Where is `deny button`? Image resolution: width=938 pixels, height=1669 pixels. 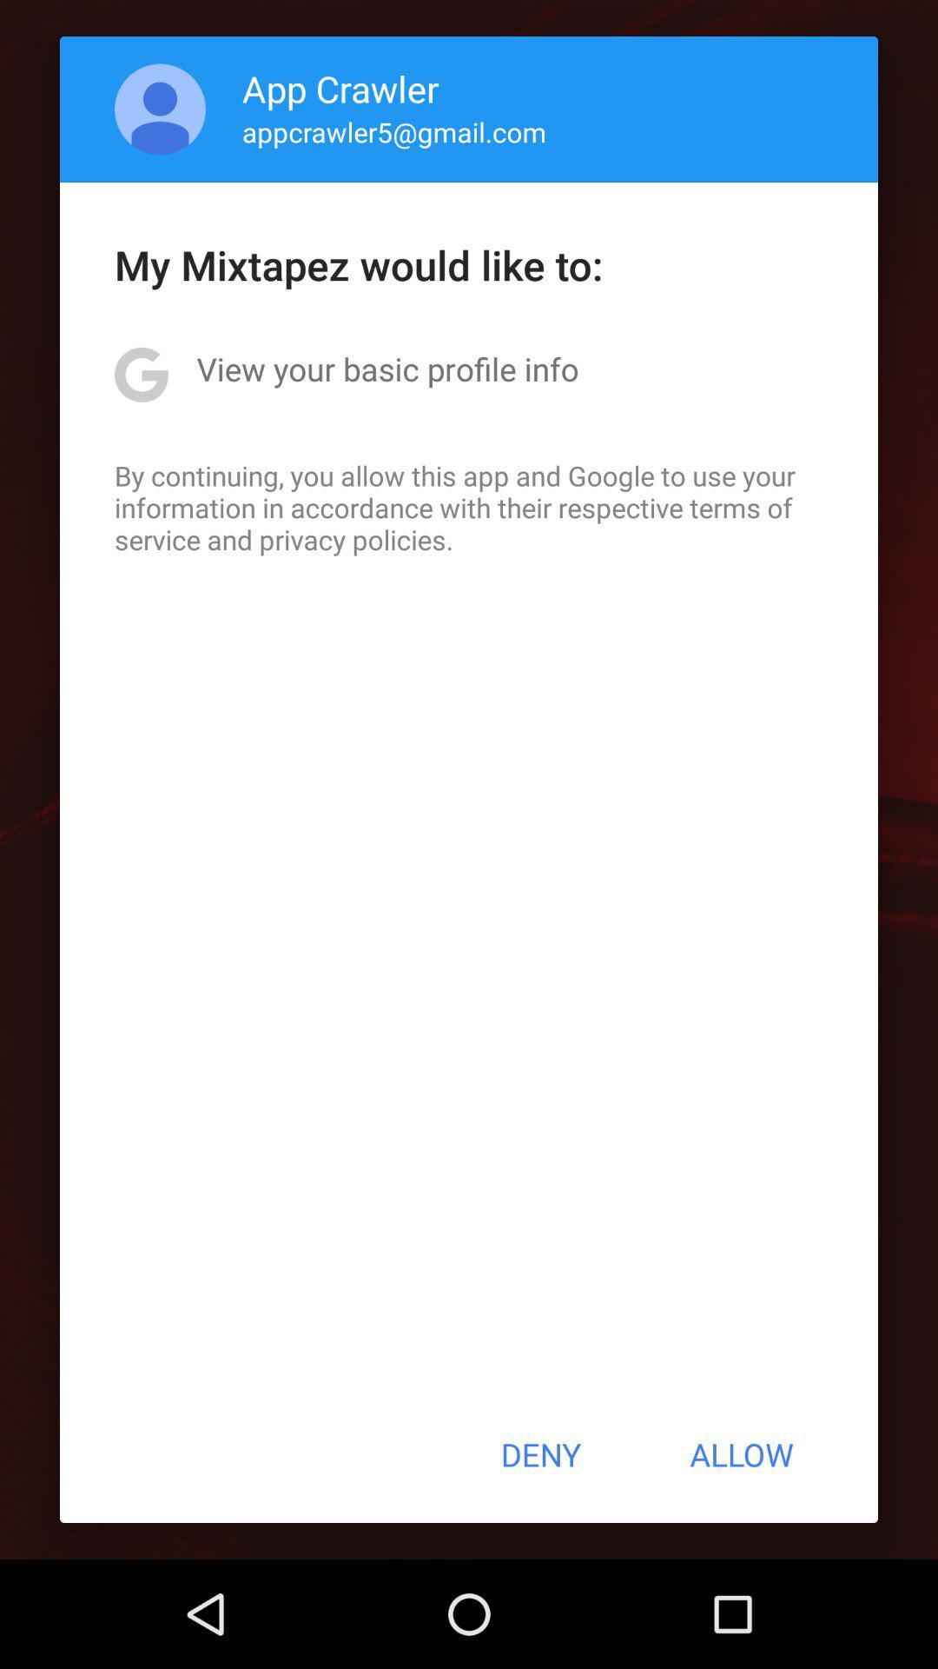 deny button is located at coordinates (539, 1454).